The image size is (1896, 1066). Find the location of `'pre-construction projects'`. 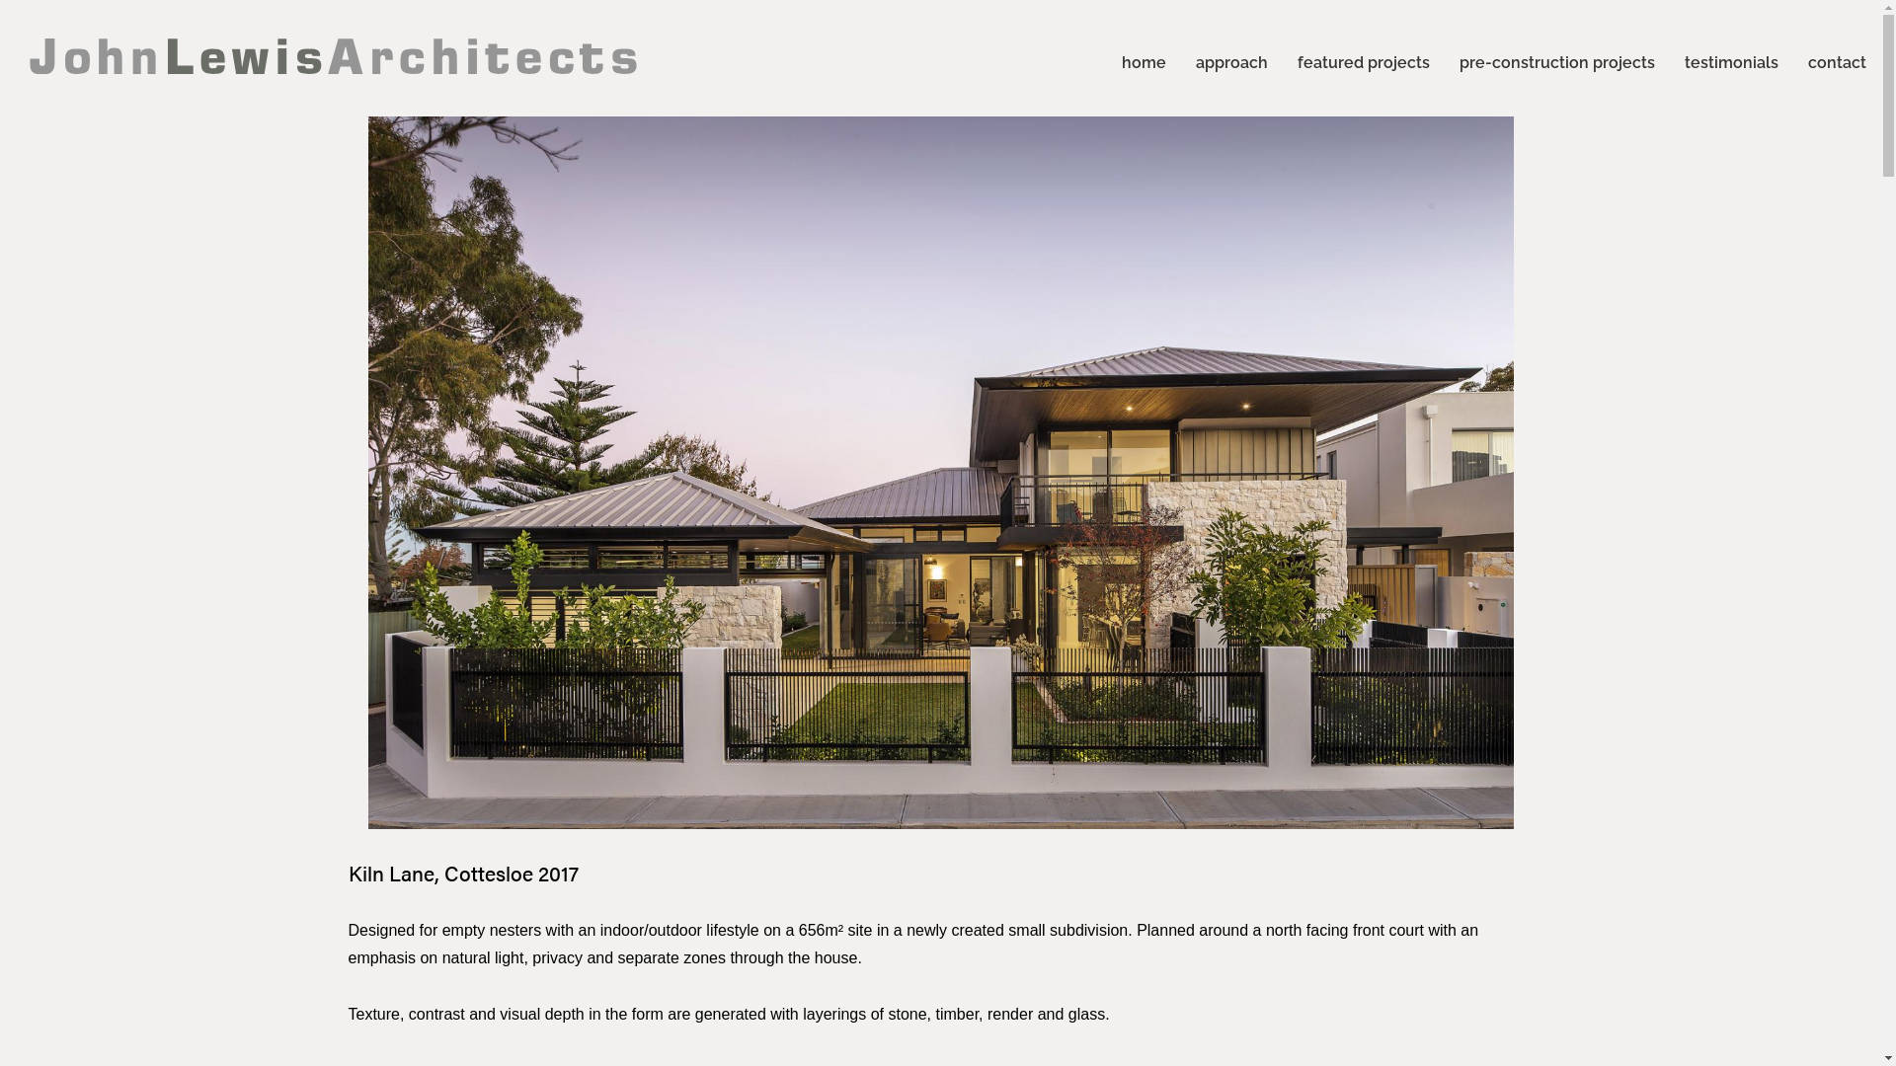

'pre-construction projects' is located at coordinates (1556, 58).